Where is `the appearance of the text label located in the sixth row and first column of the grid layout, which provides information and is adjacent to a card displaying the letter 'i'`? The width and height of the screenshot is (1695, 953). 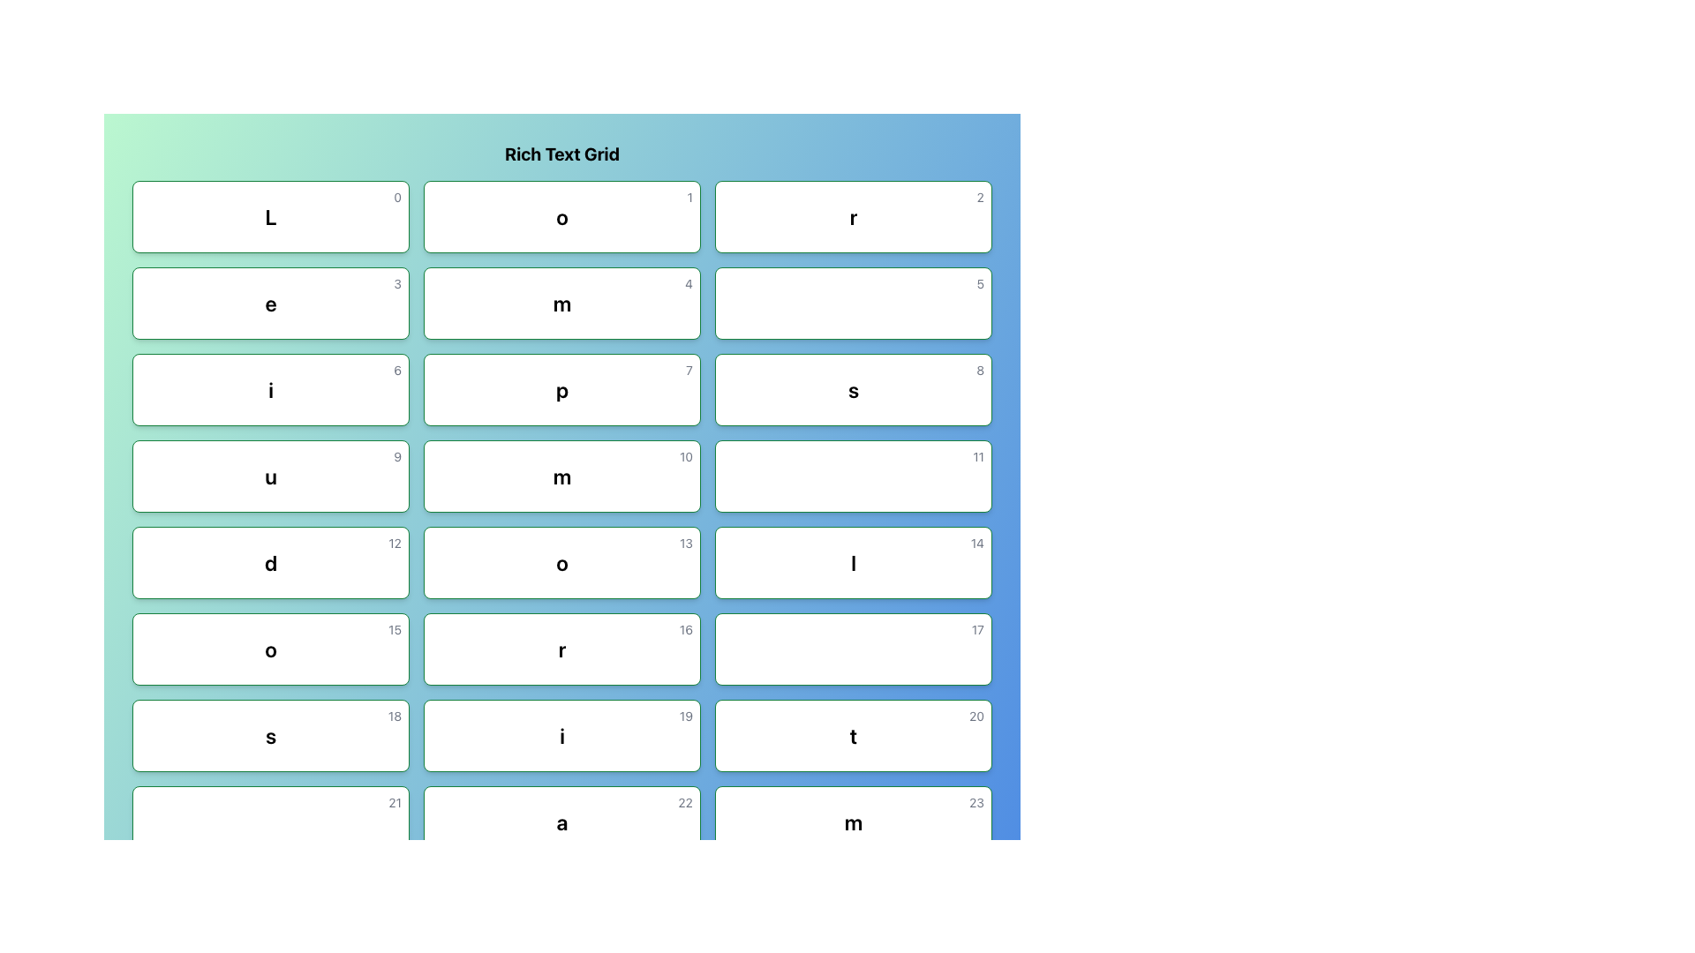
the appearance of the text label located in the sixth row and first column of the grid layout, which provides information and is adjacent to a card displaying the letter 'i' is located at coordinates (270, 735).